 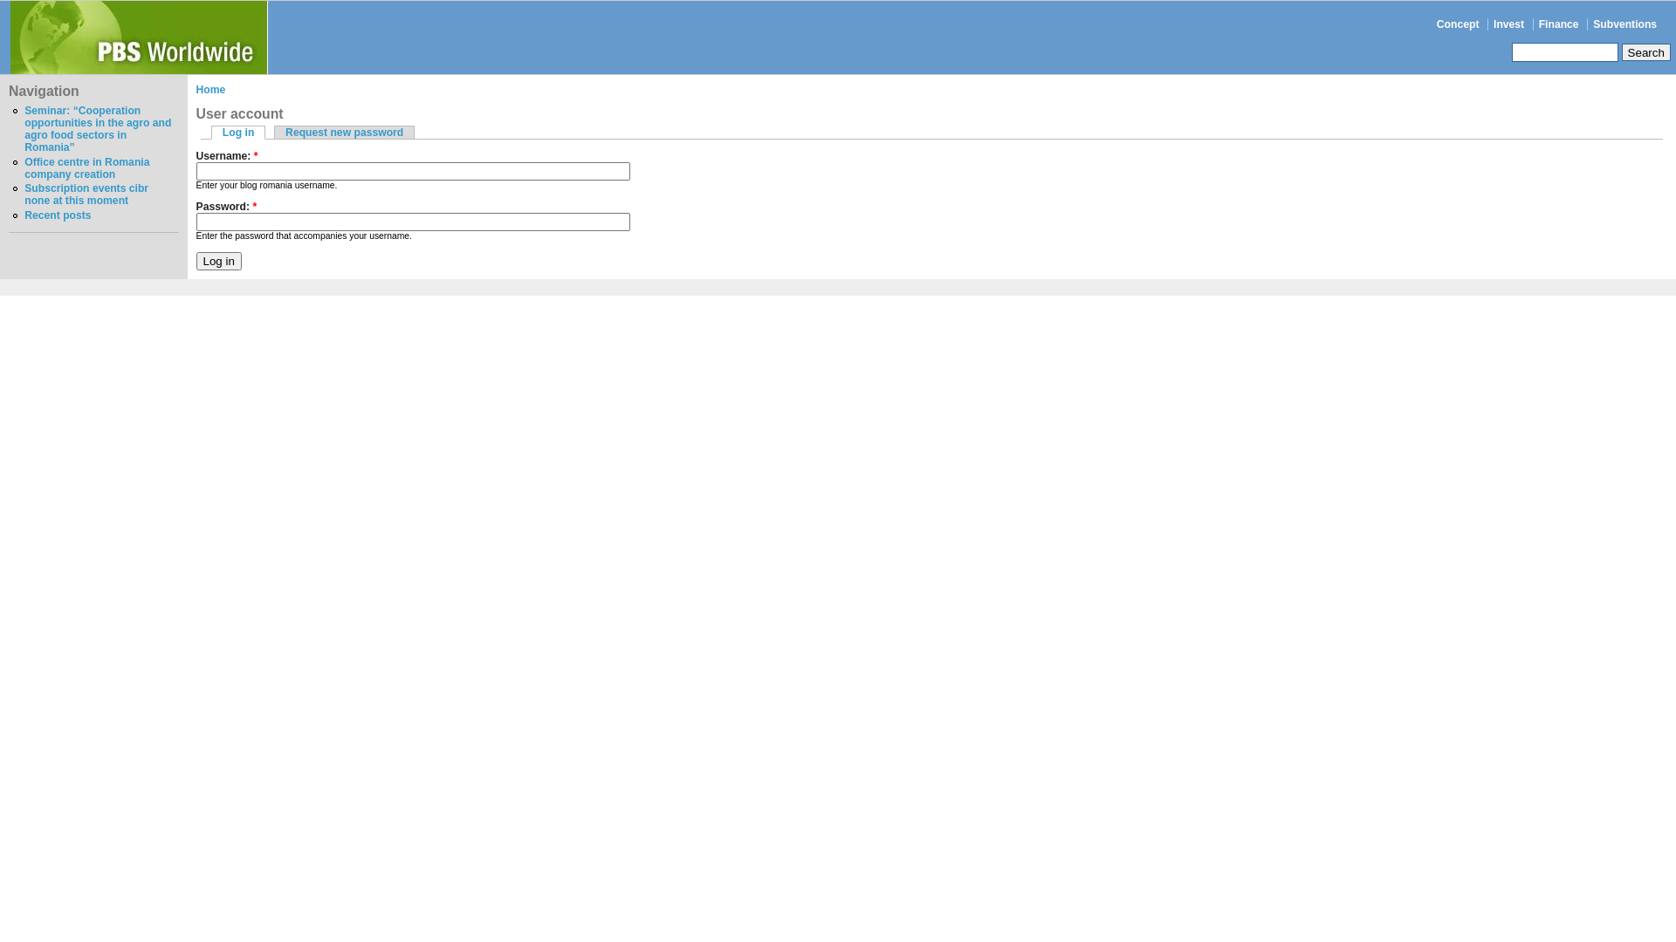 What do you see at coordinates (1508, 24) in the screenshot?
I see `'Invest'` at bounding box center [1508, 24].